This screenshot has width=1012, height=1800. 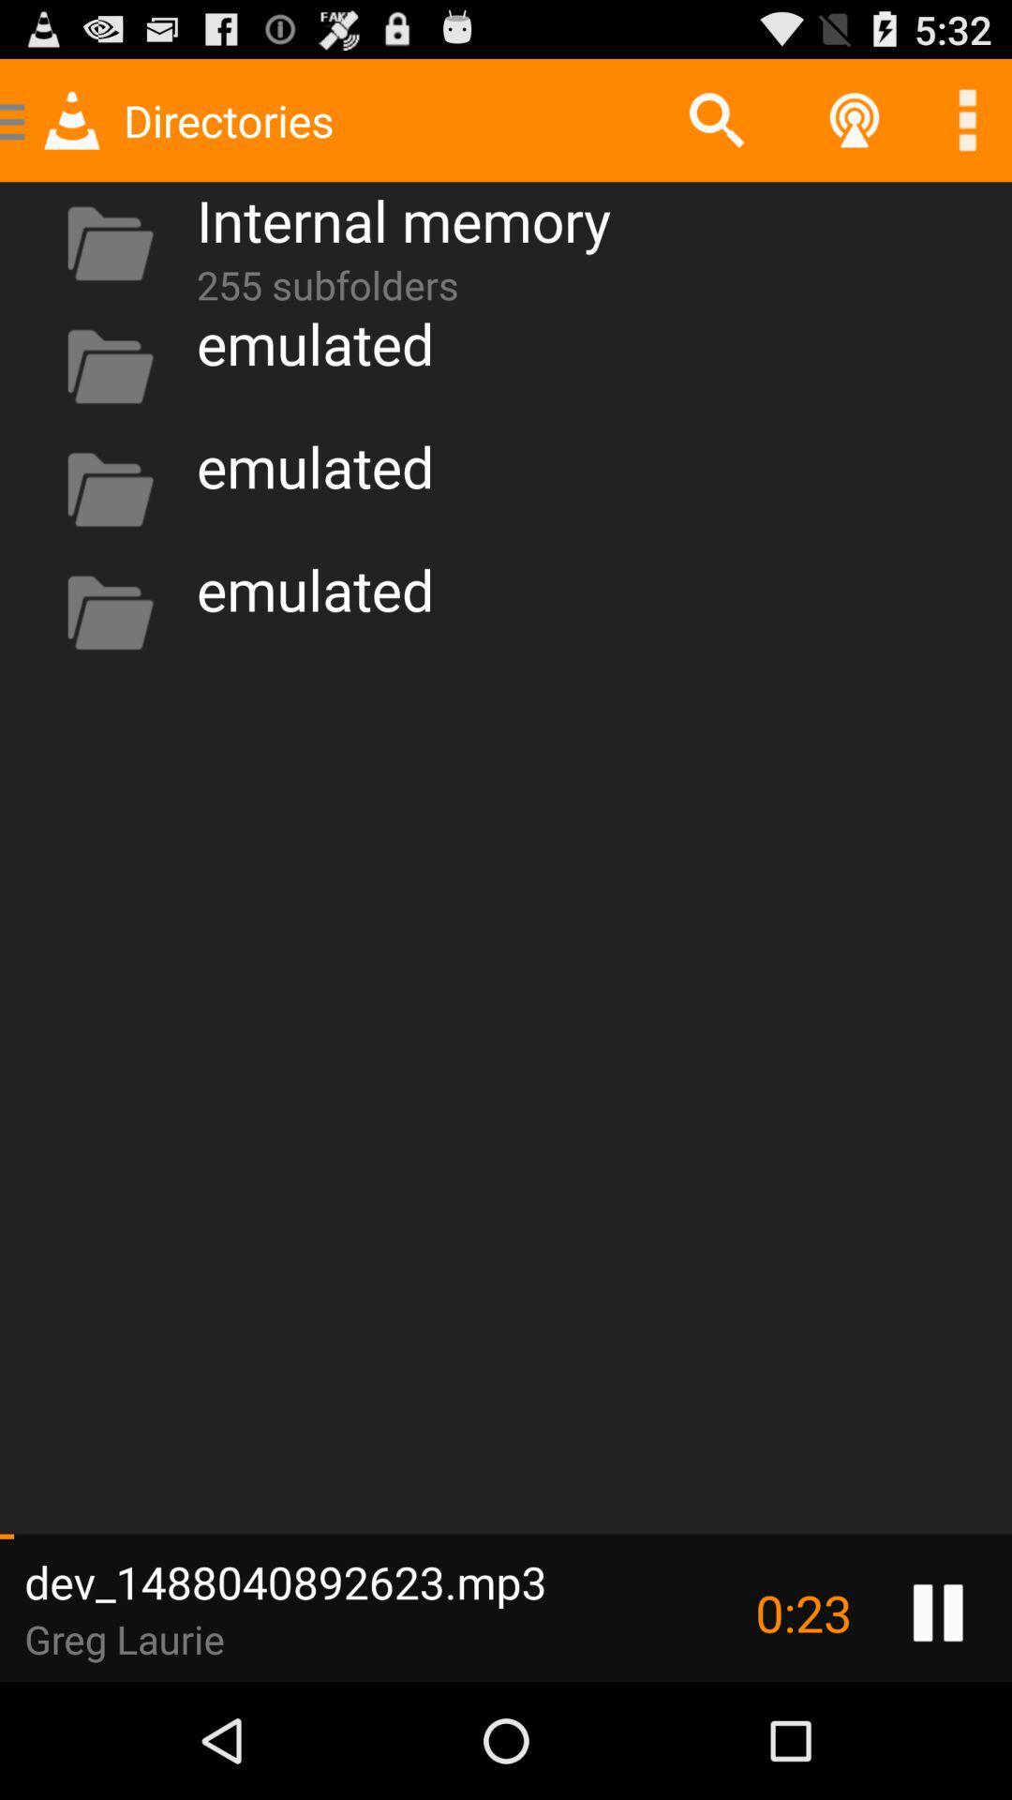 I want to click on the icon above emulated item, so click(x=326, y=280).